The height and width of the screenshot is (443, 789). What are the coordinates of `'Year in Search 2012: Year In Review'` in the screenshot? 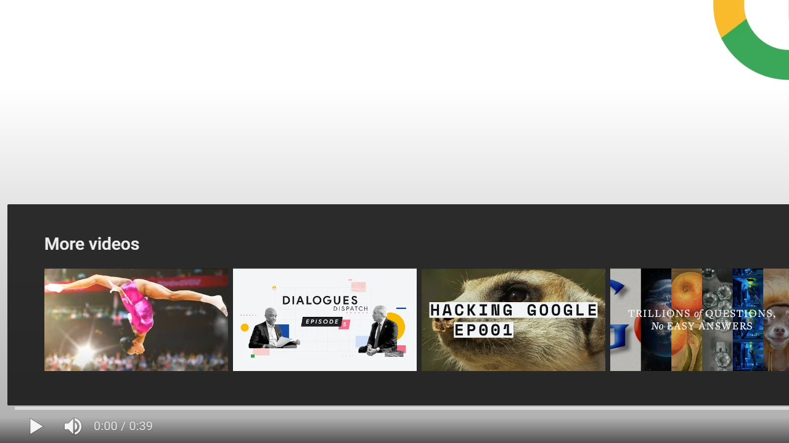 It's located at (136, 319).